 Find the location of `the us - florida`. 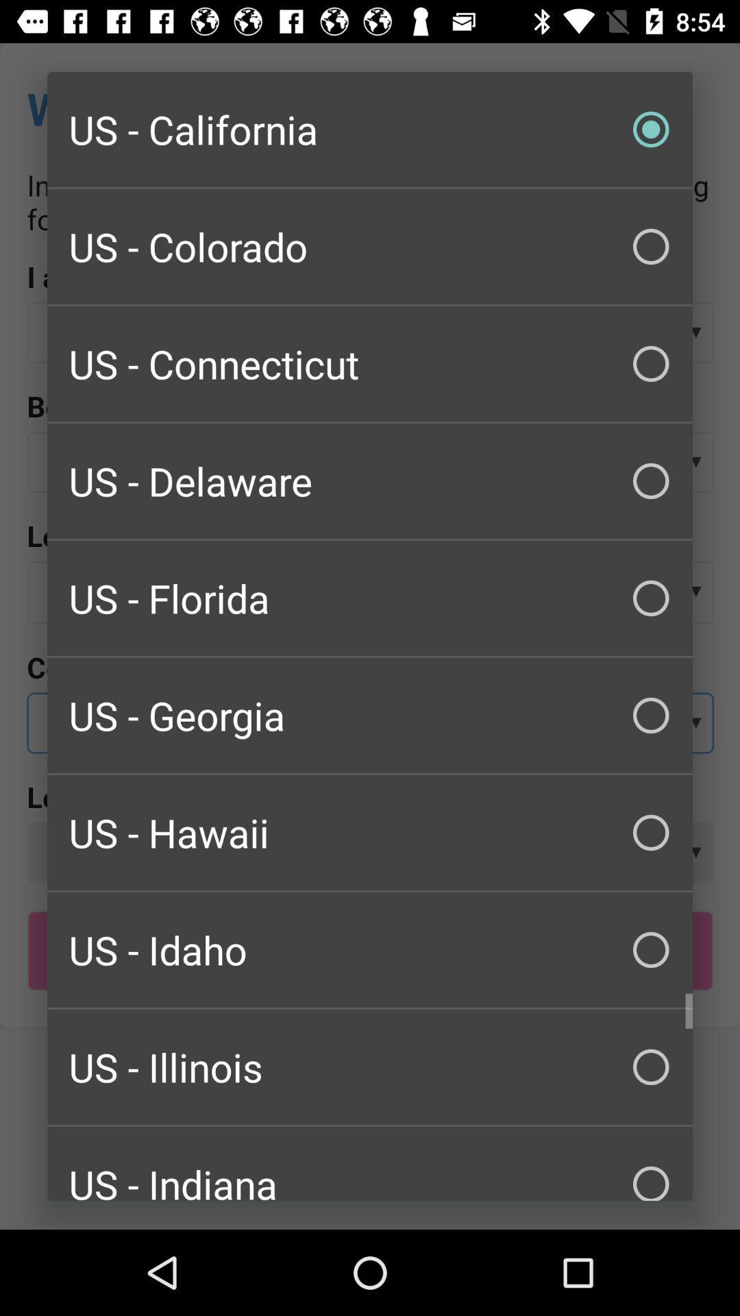

the us - florida is located at coordinates (370, 598).